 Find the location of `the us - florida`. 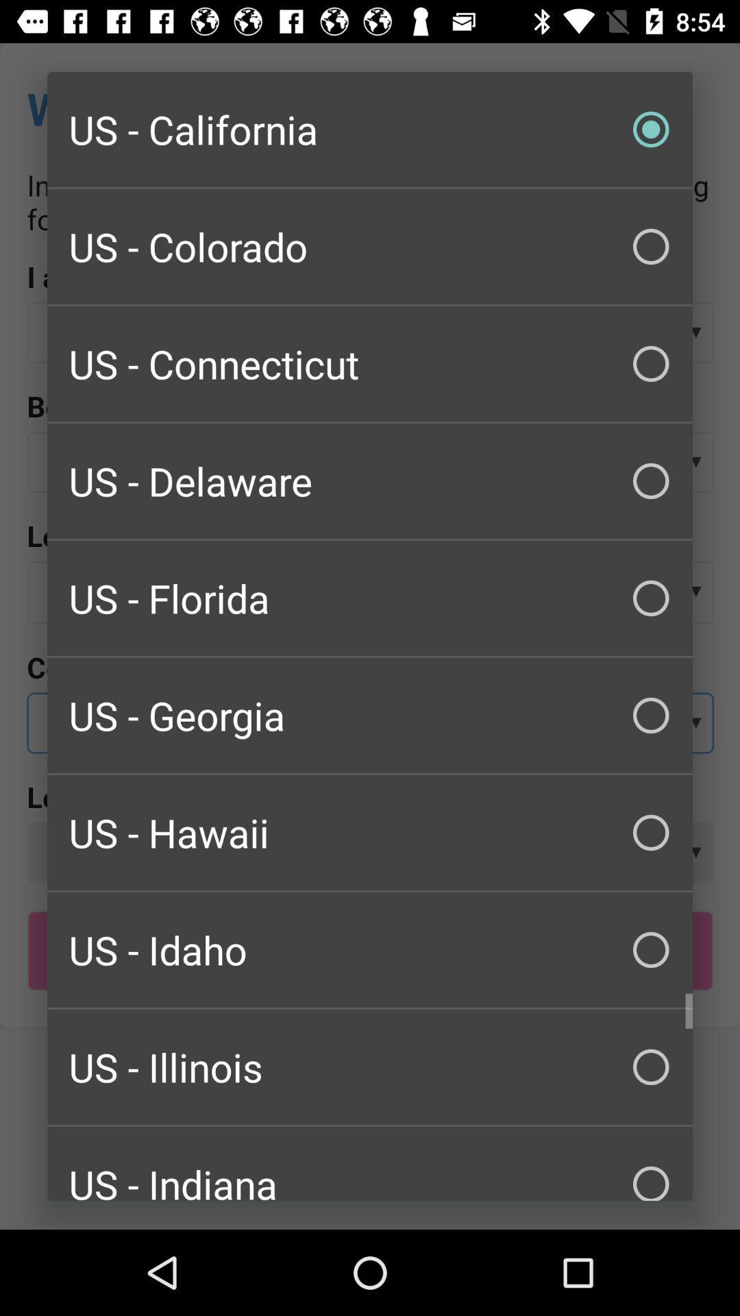

the us - florida is located at coordinates (370, 598).